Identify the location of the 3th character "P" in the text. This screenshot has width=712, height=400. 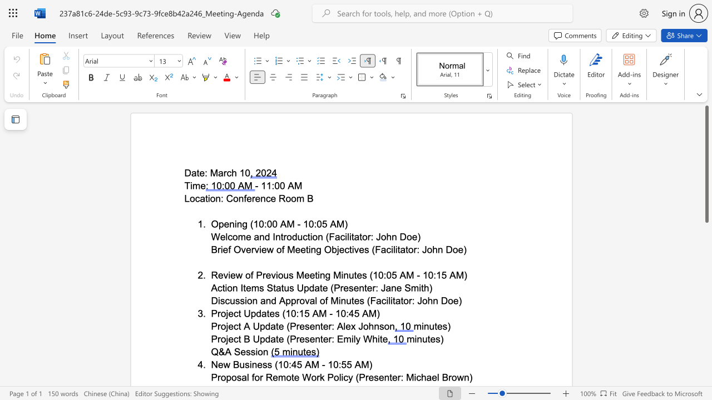
(362, 377).